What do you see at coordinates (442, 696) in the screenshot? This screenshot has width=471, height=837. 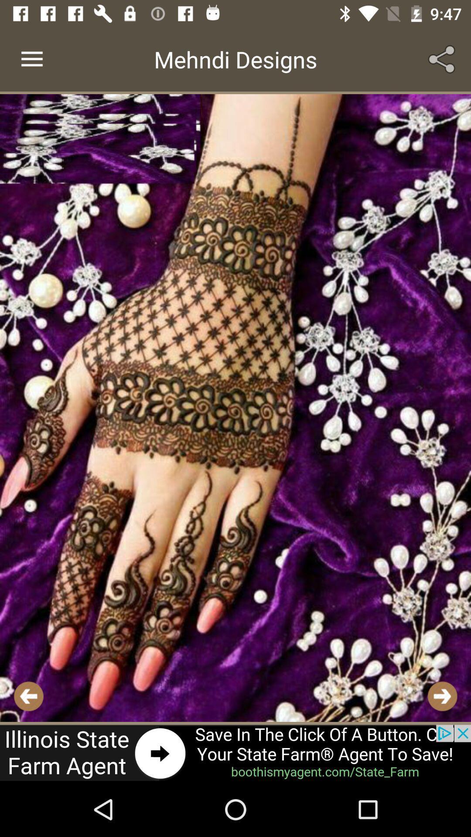 I see `next` at bounding box center [442, 696].